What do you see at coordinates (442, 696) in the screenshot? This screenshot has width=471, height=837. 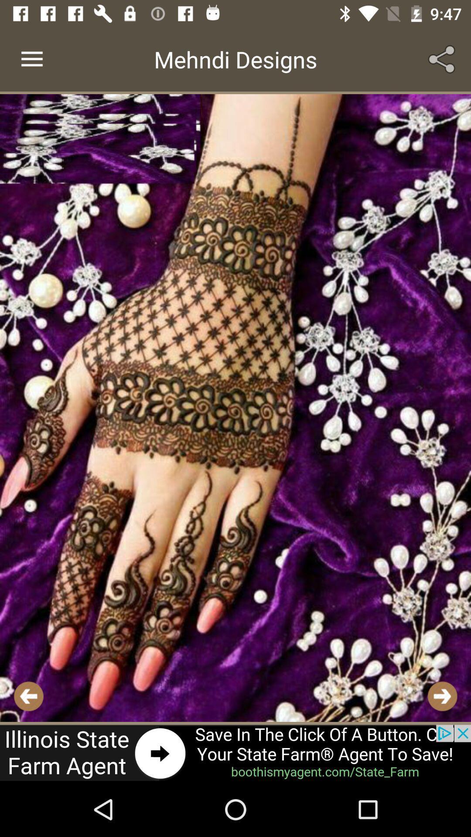 I see `next` at bounding box center [442, 696].